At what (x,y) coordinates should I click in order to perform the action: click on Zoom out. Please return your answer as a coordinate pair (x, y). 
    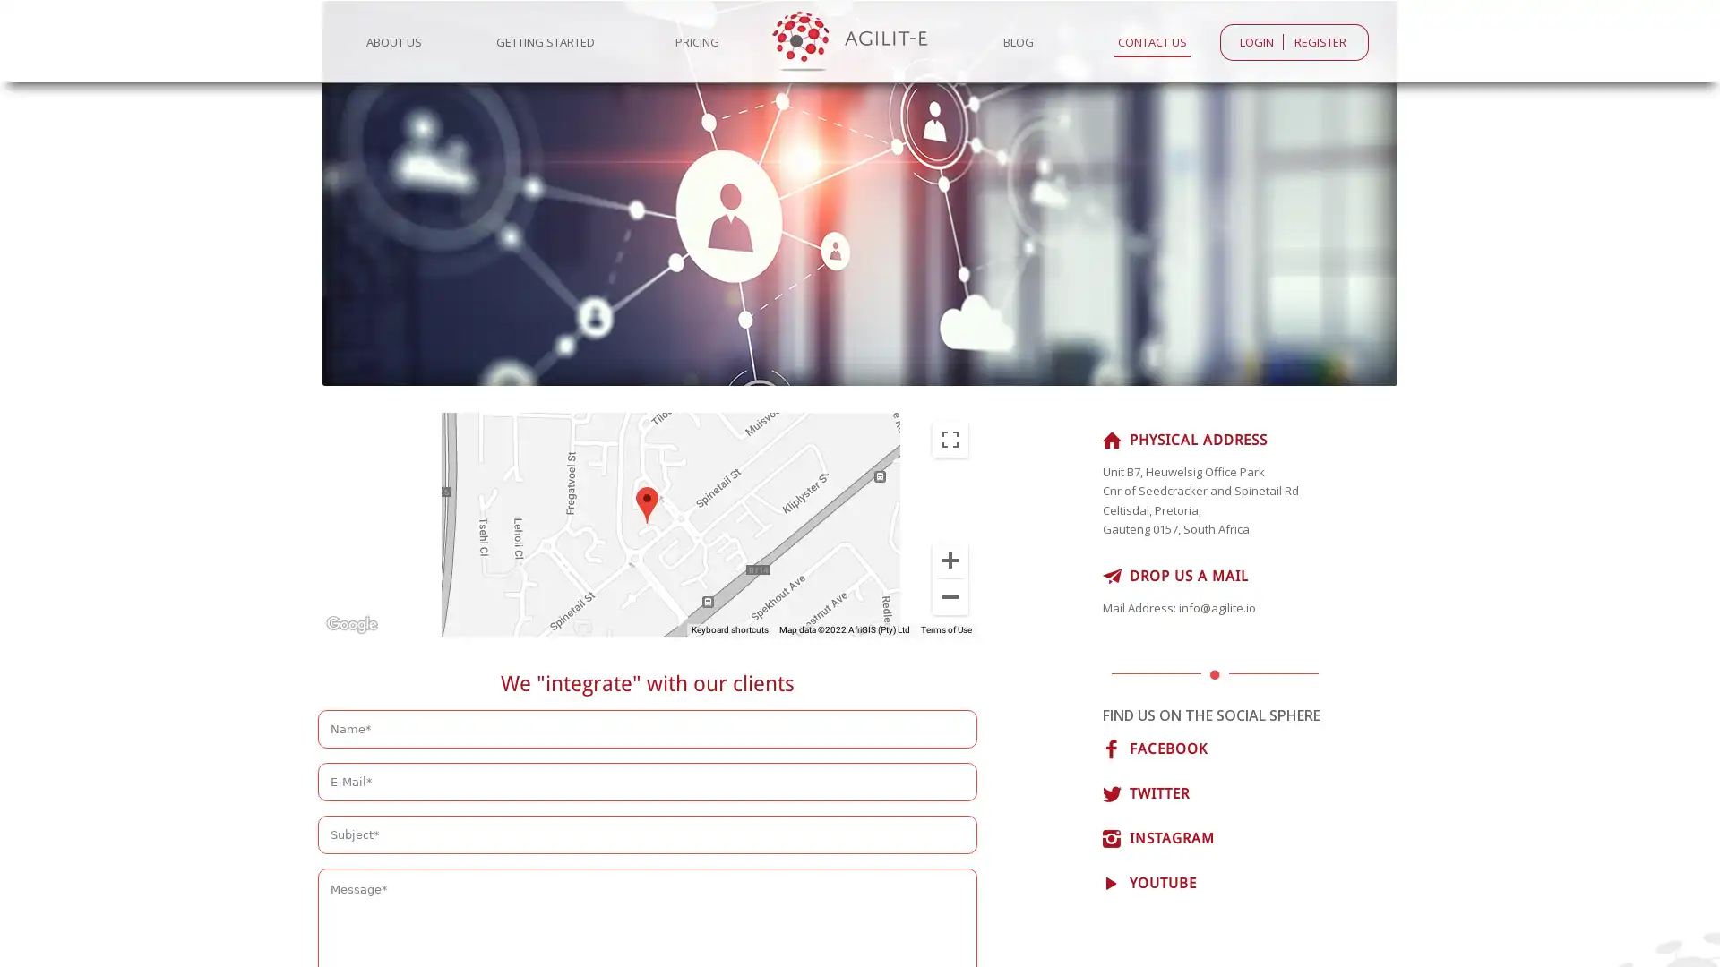
    Looking at the image, I should click on (949, 597).